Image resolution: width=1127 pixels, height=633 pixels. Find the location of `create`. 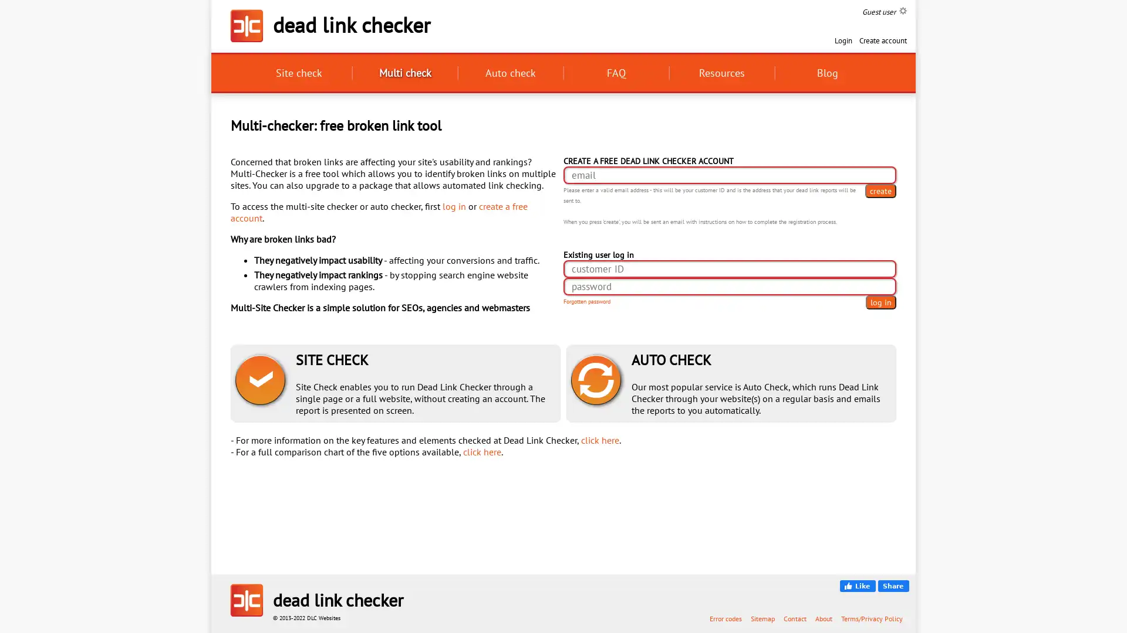

create is located at coordinates (880, 190).